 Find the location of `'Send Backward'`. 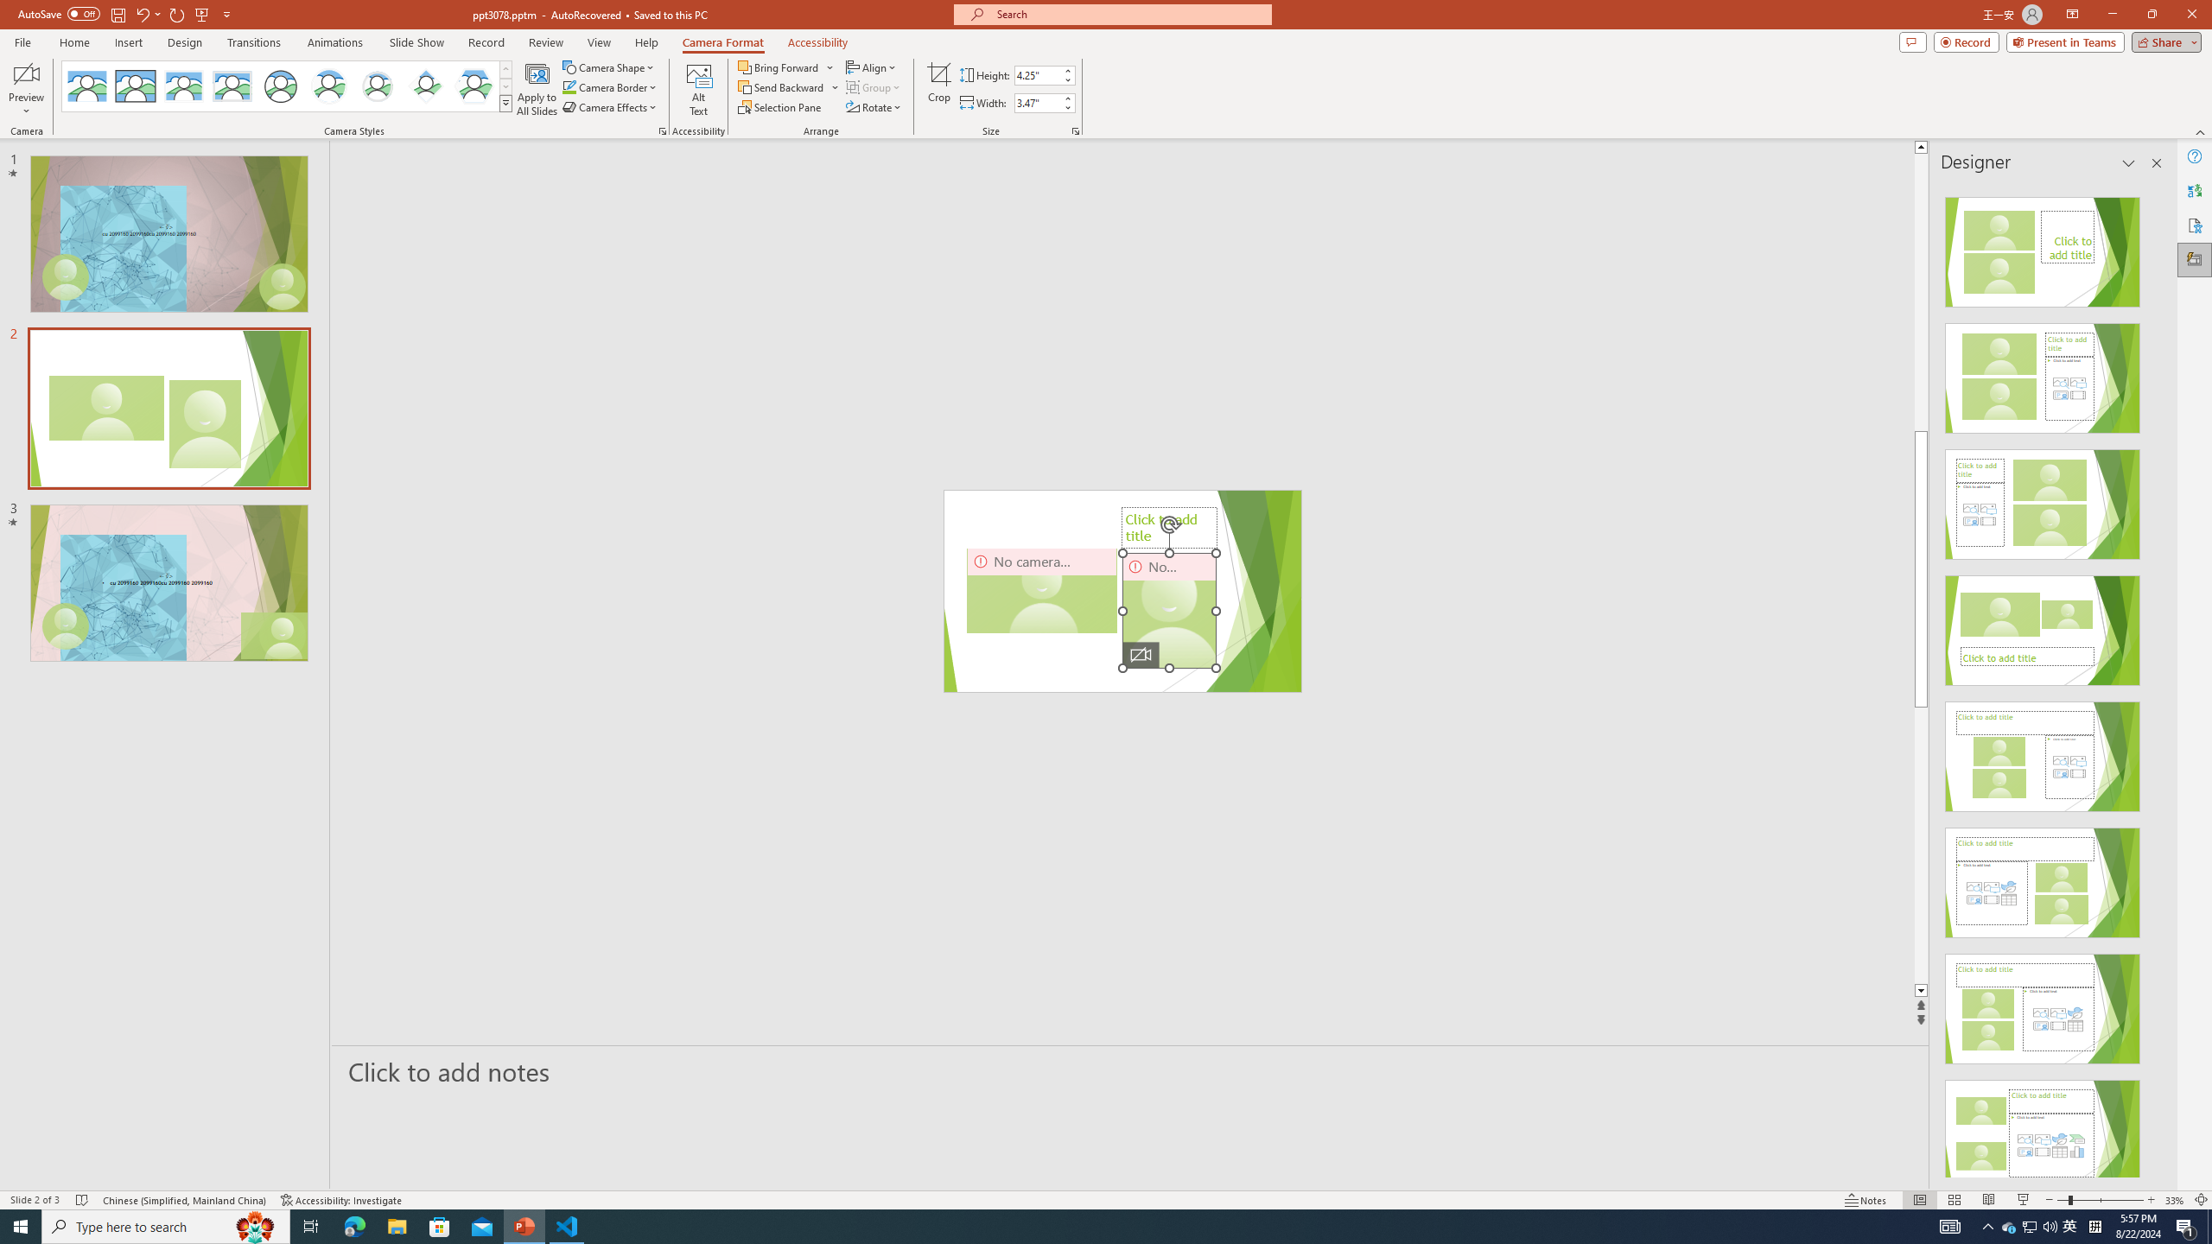

'Send Backward' is located at coordinates (788, 86).